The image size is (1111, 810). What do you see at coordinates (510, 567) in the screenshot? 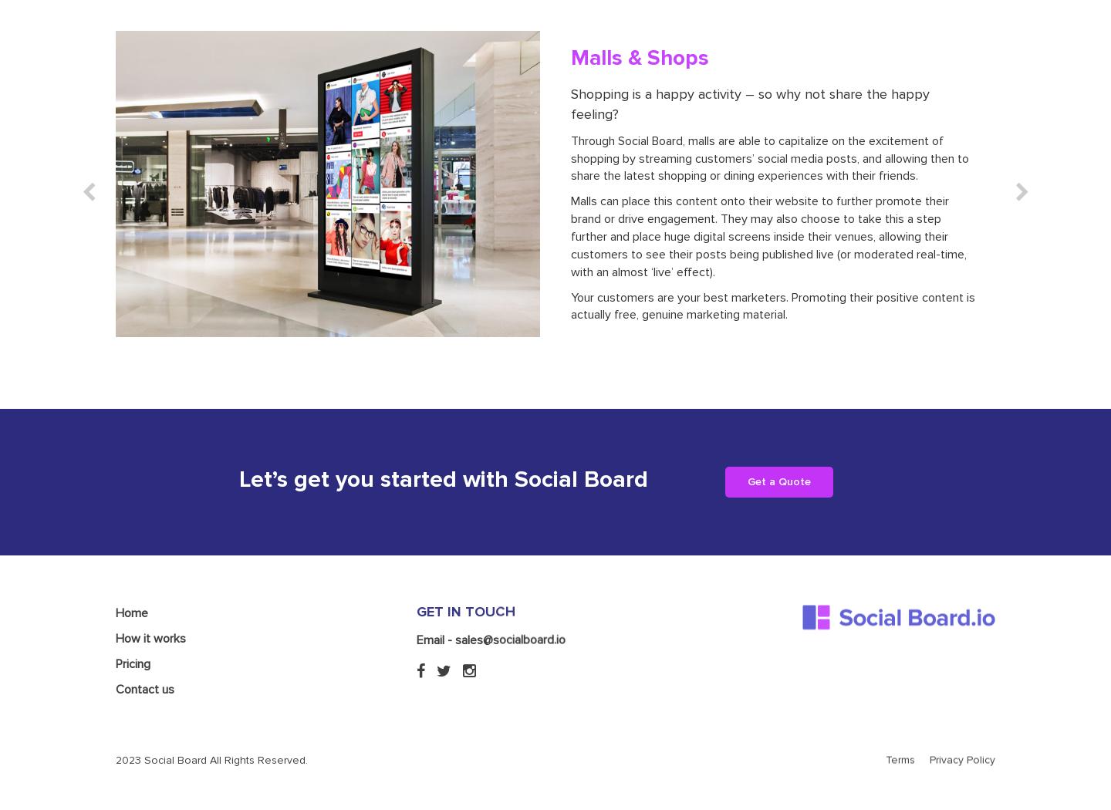
I see `'sales@socialboard.io'` at bounding box center [510, 567].